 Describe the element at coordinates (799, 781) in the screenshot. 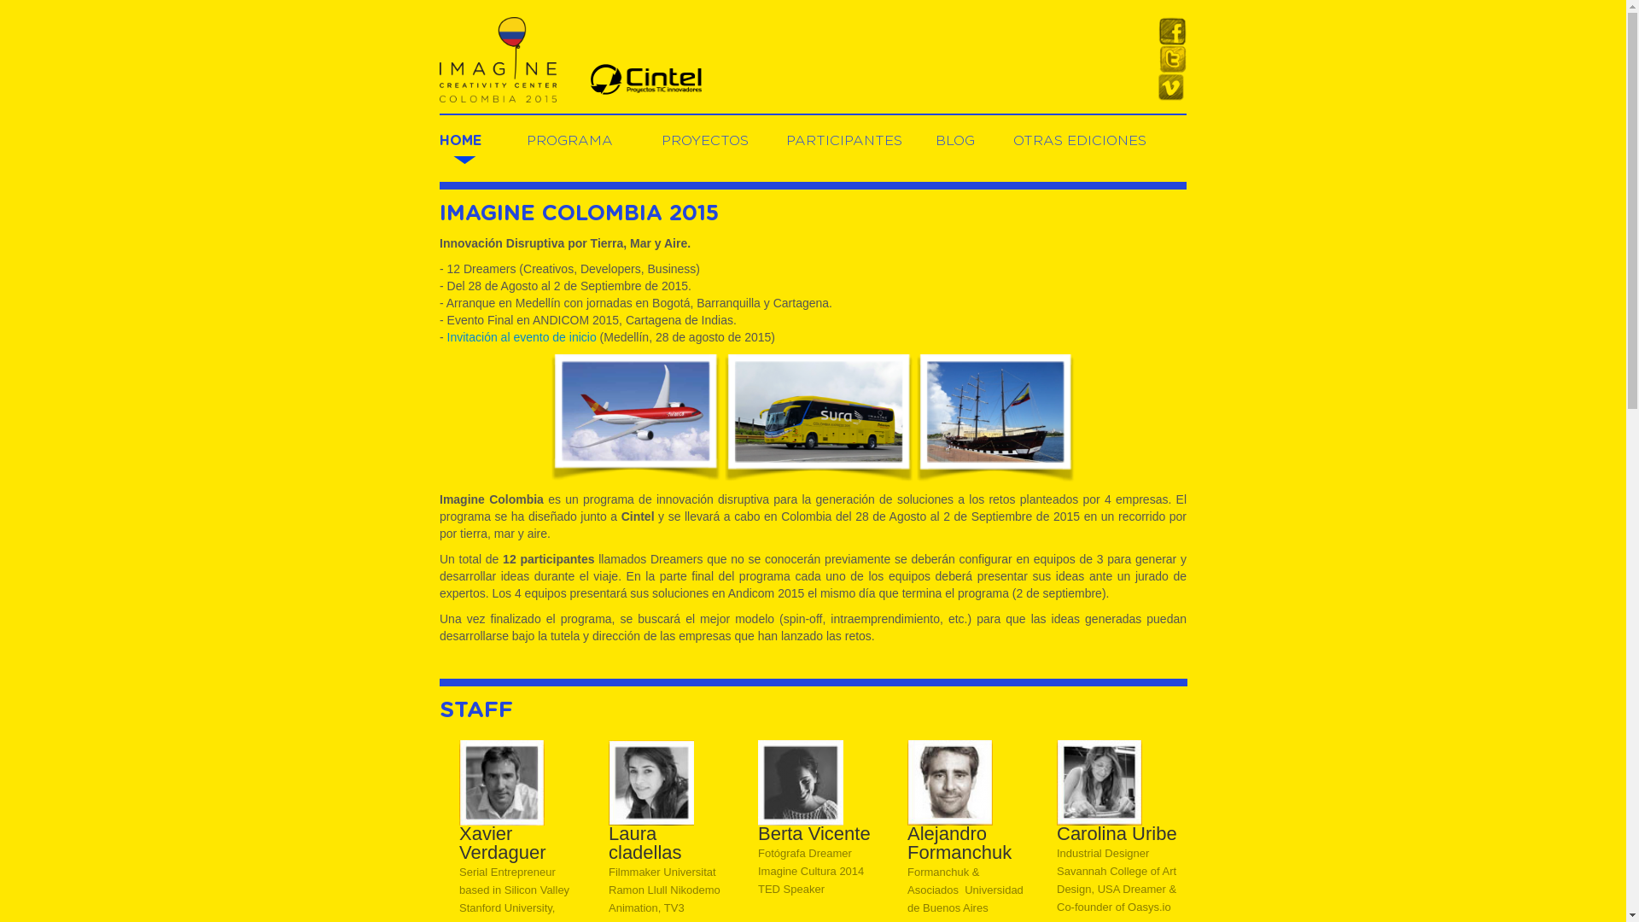

I see `'Berta Vicente'` at that location.